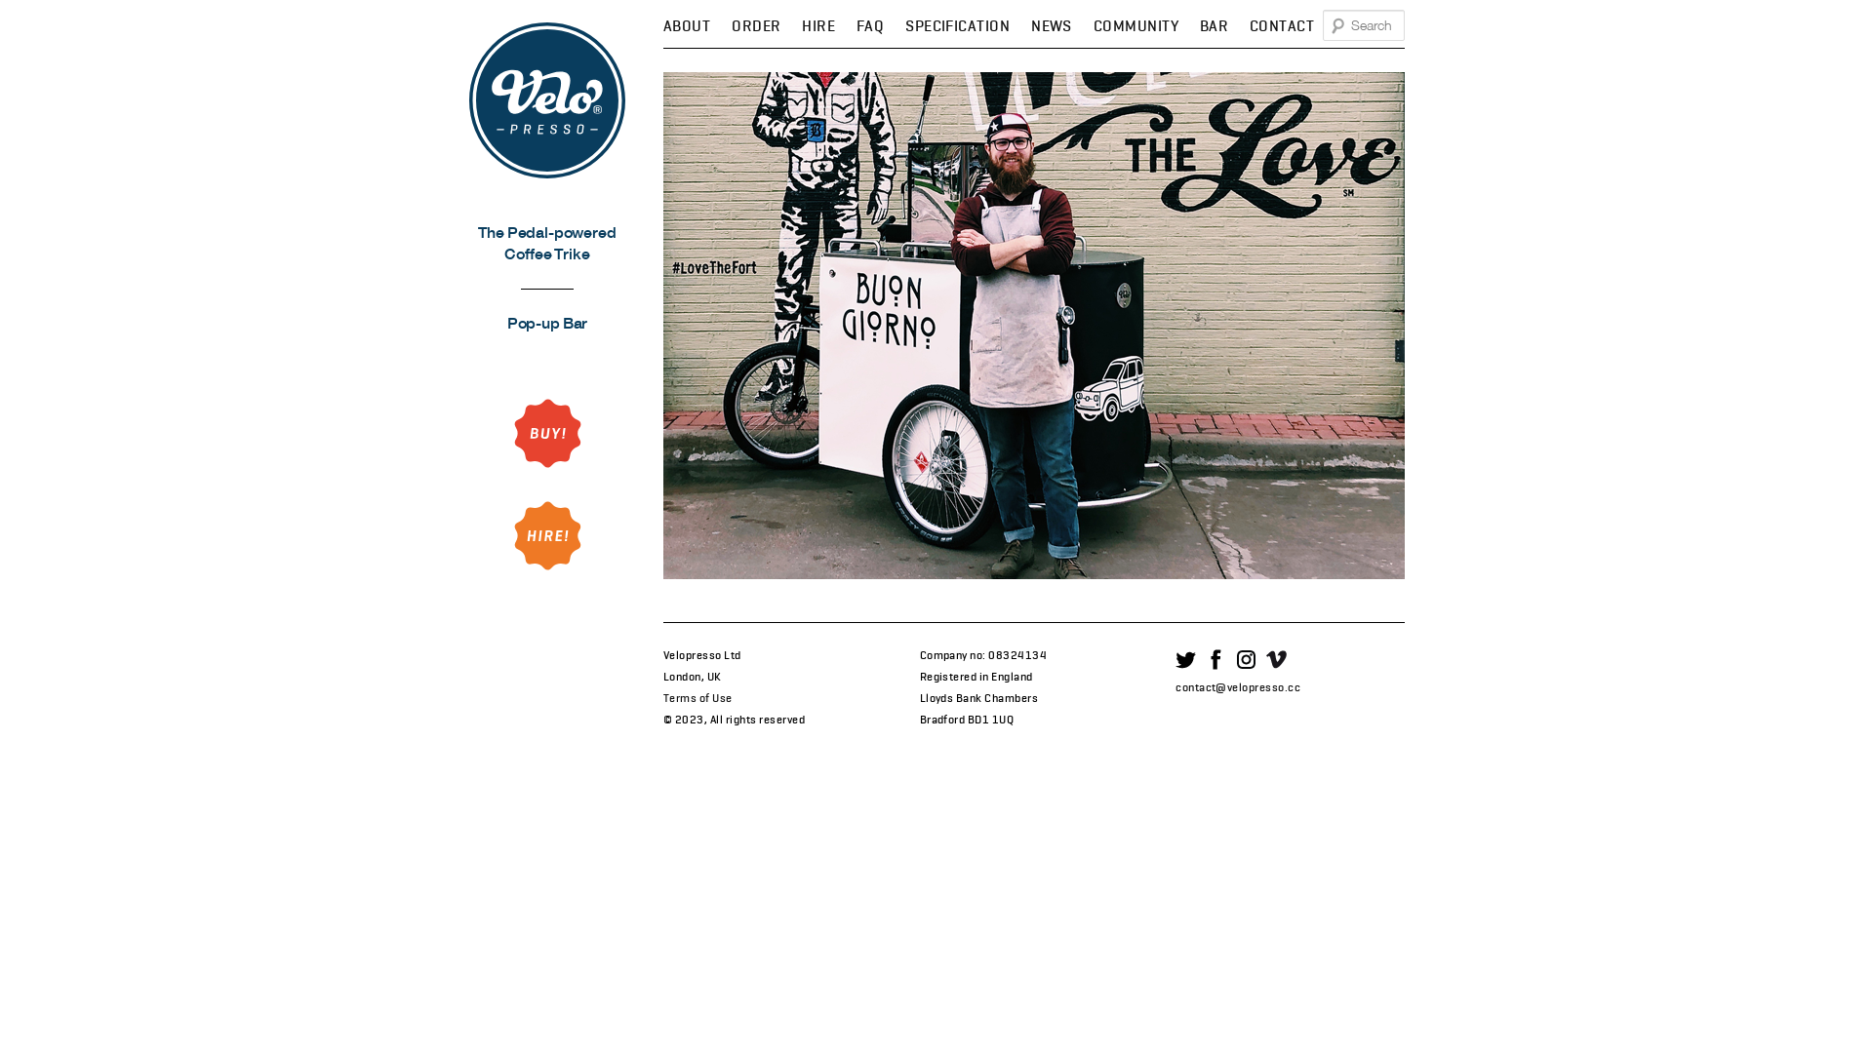 Image resolution: width=1873 pixels, height=1053 pixels. Describe the element at coordinates (546, 100) in the screenshot. I see `'Velopresso'` at that location.